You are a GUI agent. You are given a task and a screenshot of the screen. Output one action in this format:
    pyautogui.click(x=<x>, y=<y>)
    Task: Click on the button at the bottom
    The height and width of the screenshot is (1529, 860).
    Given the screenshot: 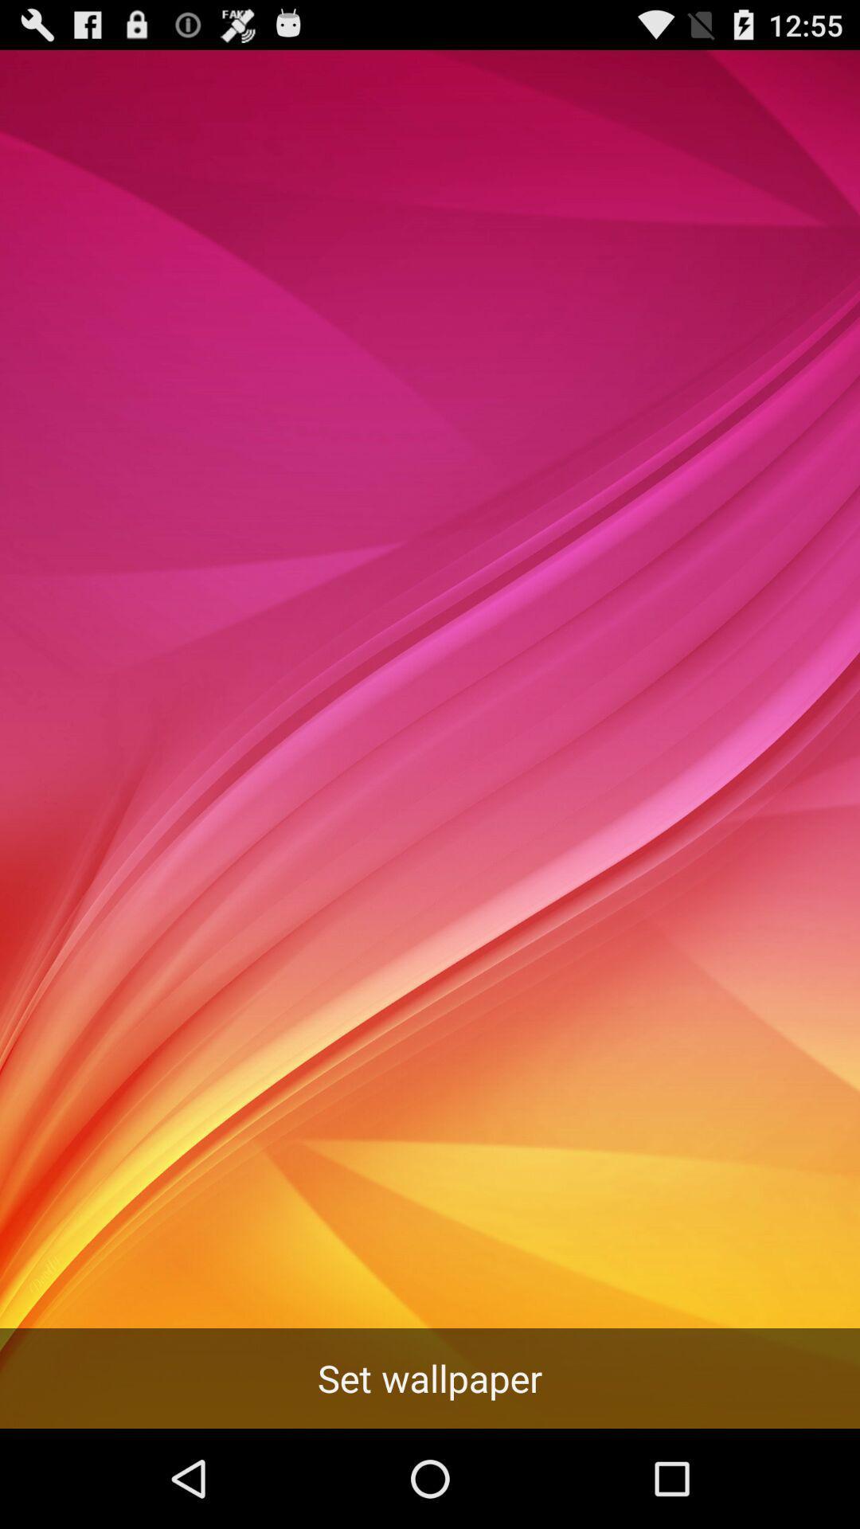 What is the action you would take?
    pyautogui.click(x=430, y=1378)
    